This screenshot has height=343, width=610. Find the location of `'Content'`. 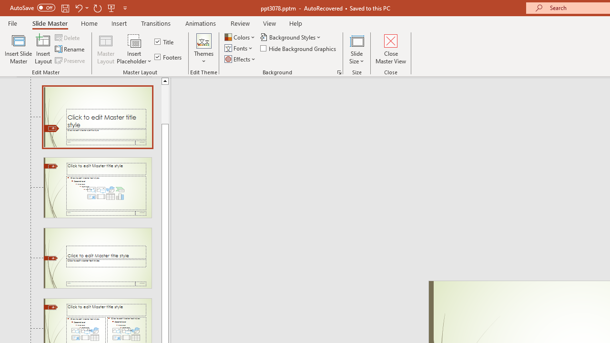

'Content' is located at coordinates (134, 40).